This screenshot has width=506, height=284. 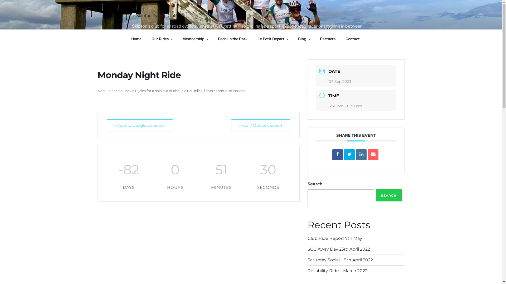 What do you see at coordinates (389, 195) in the screenshot?
I see `'SEARCH'` at bounding box center [389, 195].